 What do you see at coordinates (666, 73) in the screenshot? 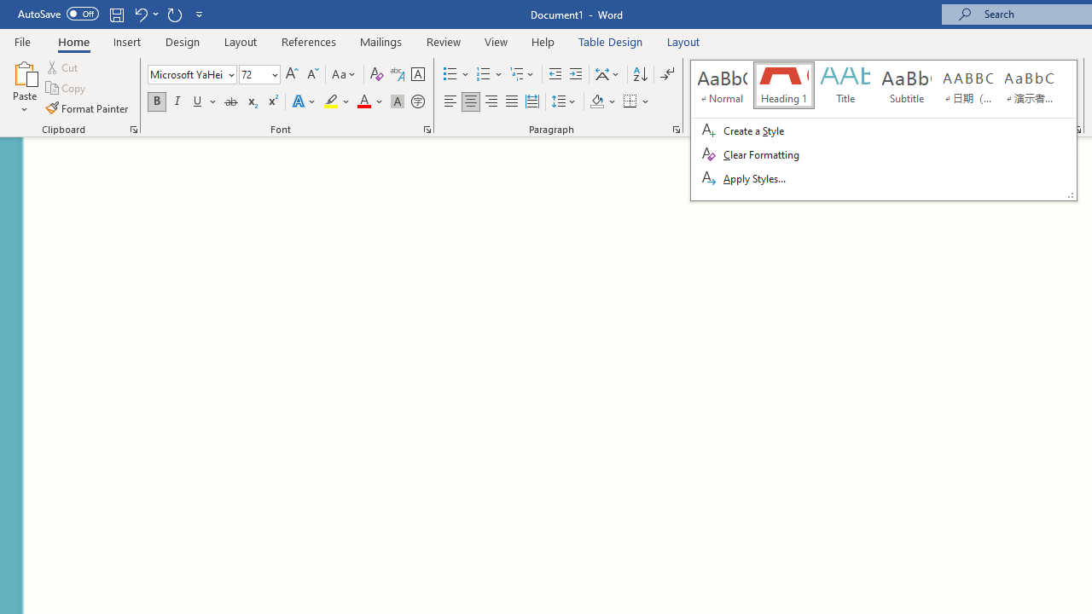
I see `'Show/Hide Editing Marks'` at bounding box center [666, 73].